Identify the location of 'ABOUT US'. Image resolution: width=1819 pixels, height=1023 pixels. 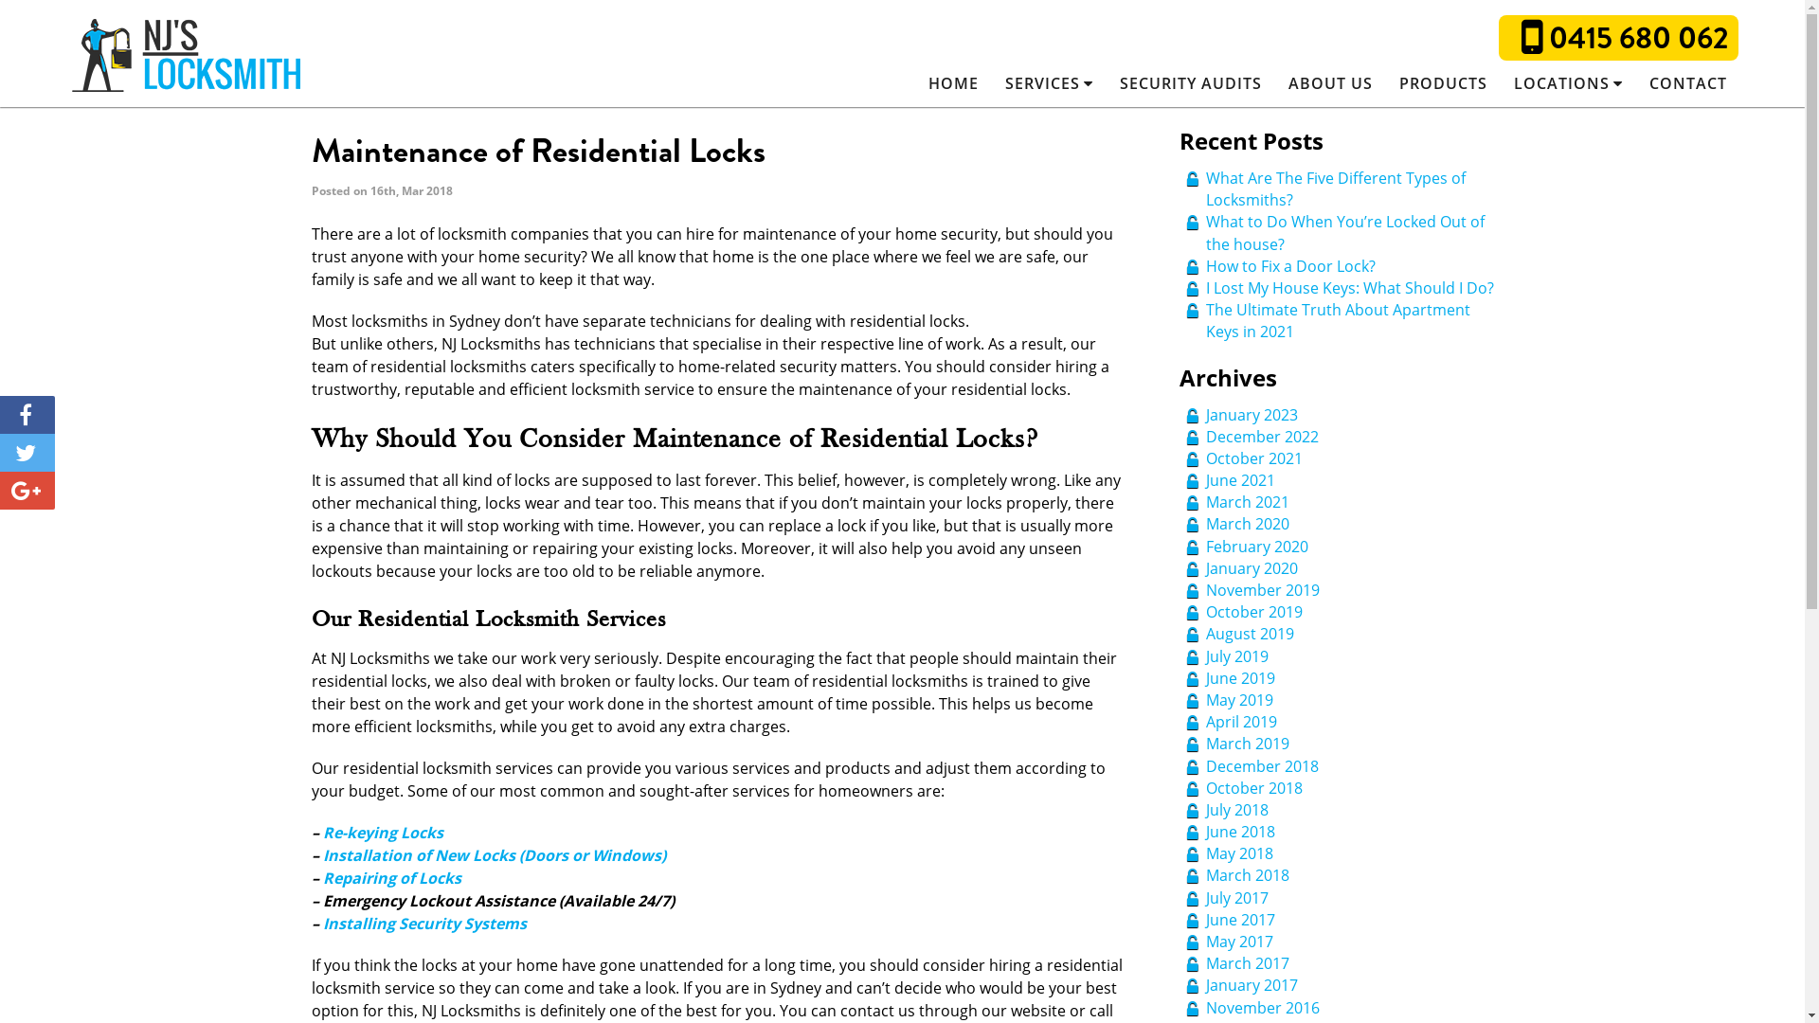
(1329, 82).